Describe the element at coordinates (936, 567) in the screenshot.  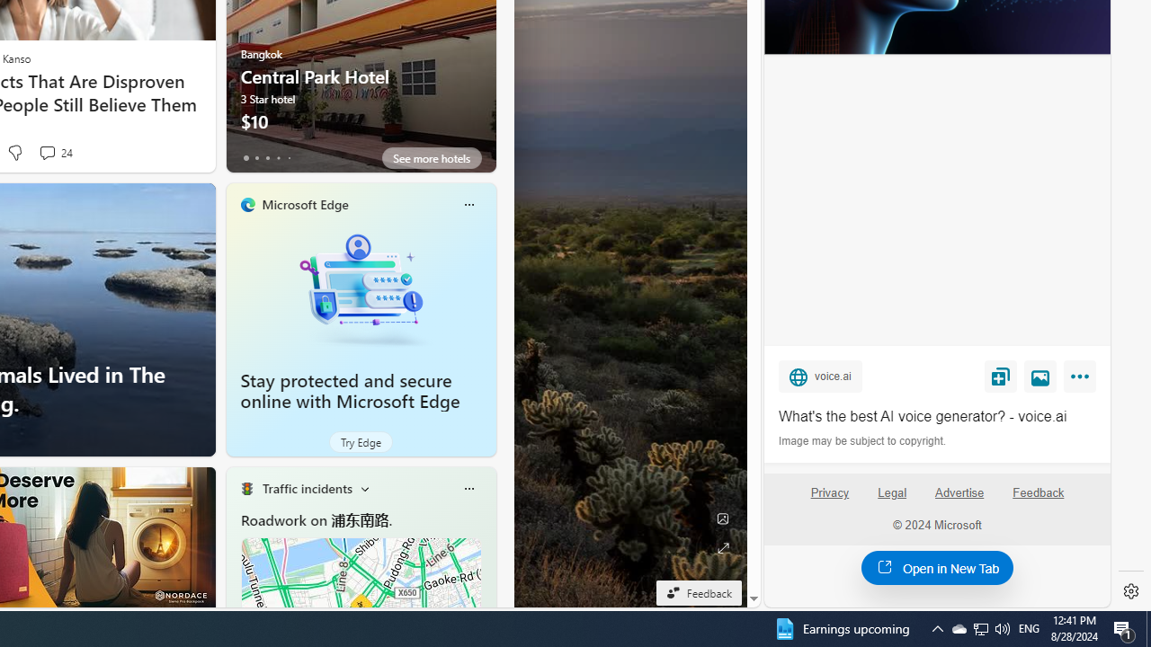
I see `'Open in New Tab'` at that location.